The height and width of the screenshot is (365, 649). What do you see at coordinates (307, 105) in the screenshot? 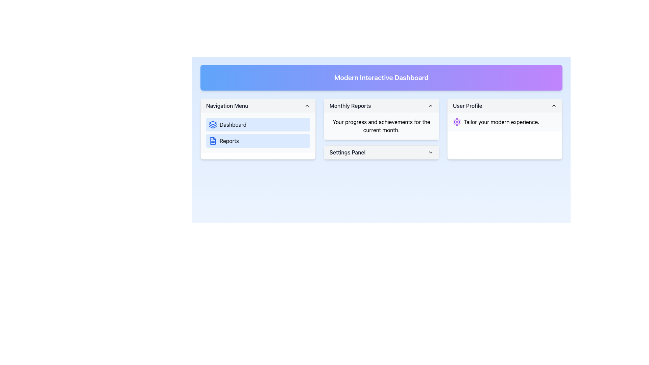
I see `the upward chevron icon located in the top-right corner of the Navigation Menu panel to trigger possible visual feedback` at bounding box center [307, 105].